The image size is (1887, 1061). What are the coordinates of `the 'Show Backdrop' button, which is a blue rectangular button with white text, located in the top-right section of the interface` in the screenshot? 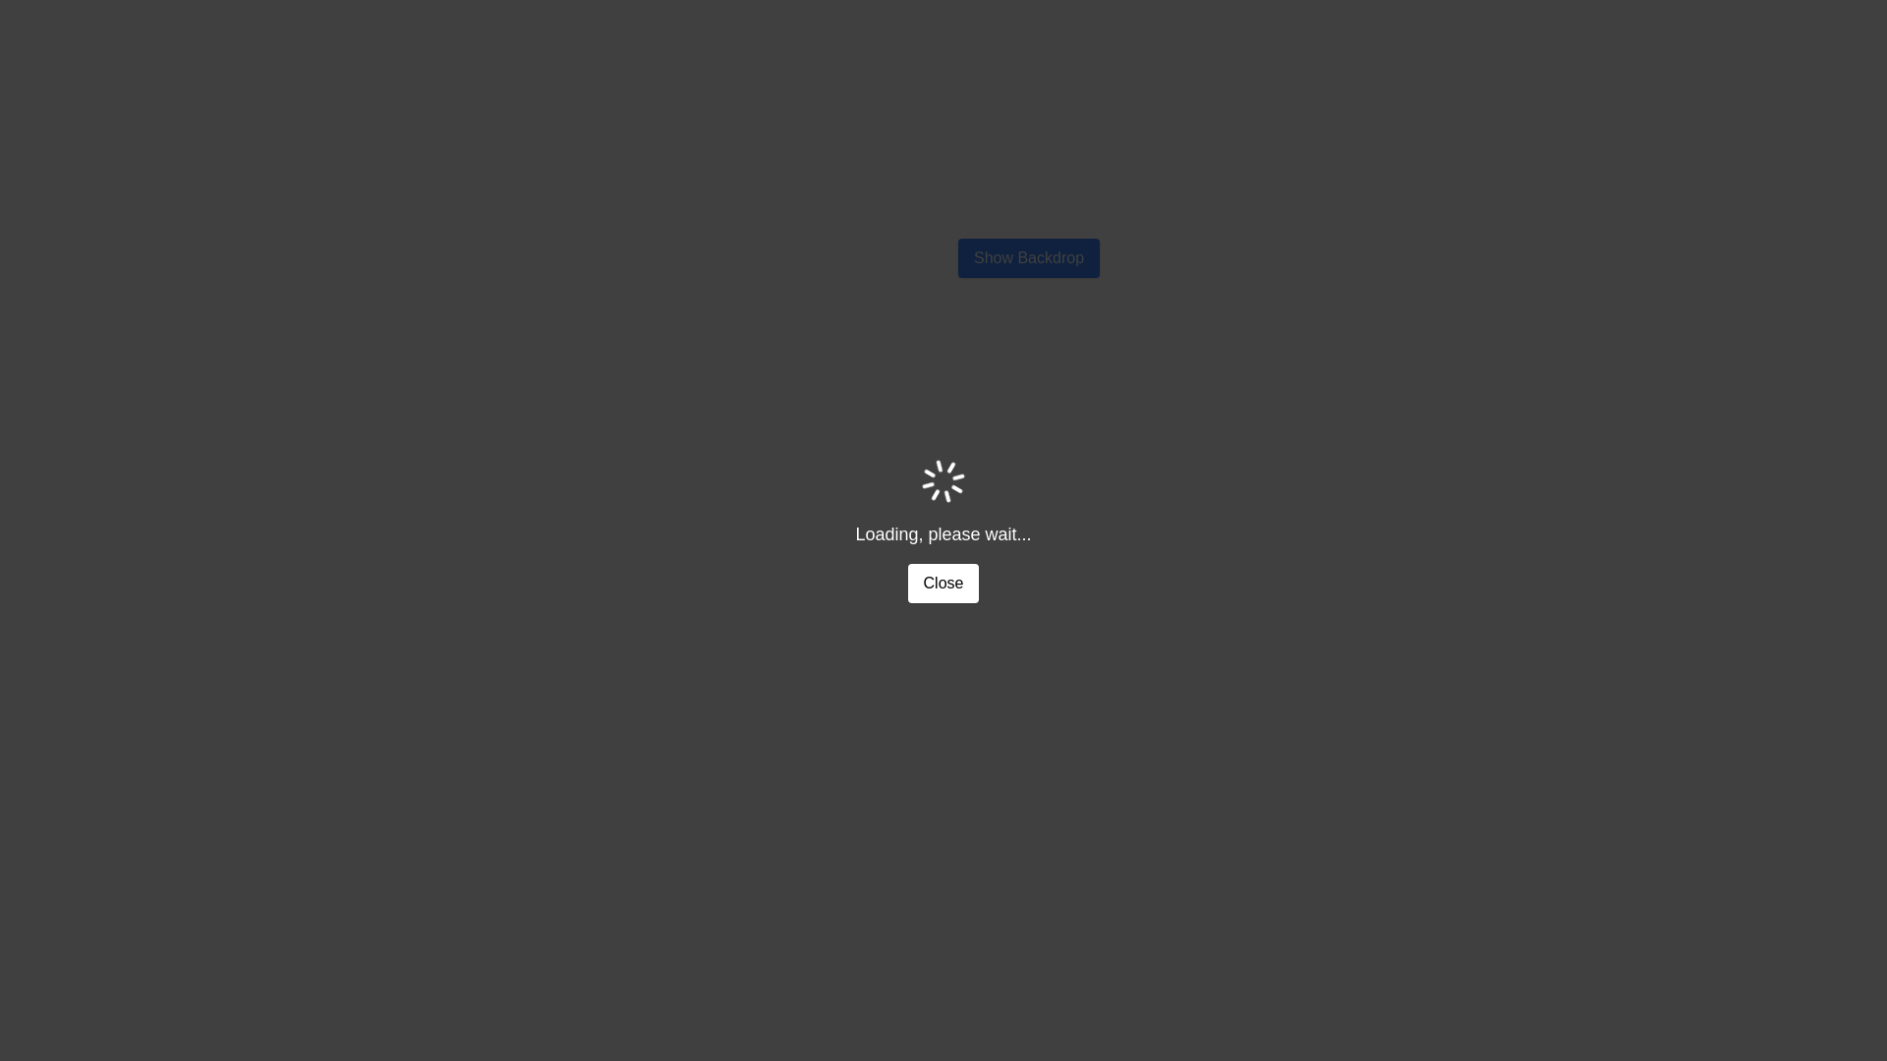 It's located at (1027, 256).